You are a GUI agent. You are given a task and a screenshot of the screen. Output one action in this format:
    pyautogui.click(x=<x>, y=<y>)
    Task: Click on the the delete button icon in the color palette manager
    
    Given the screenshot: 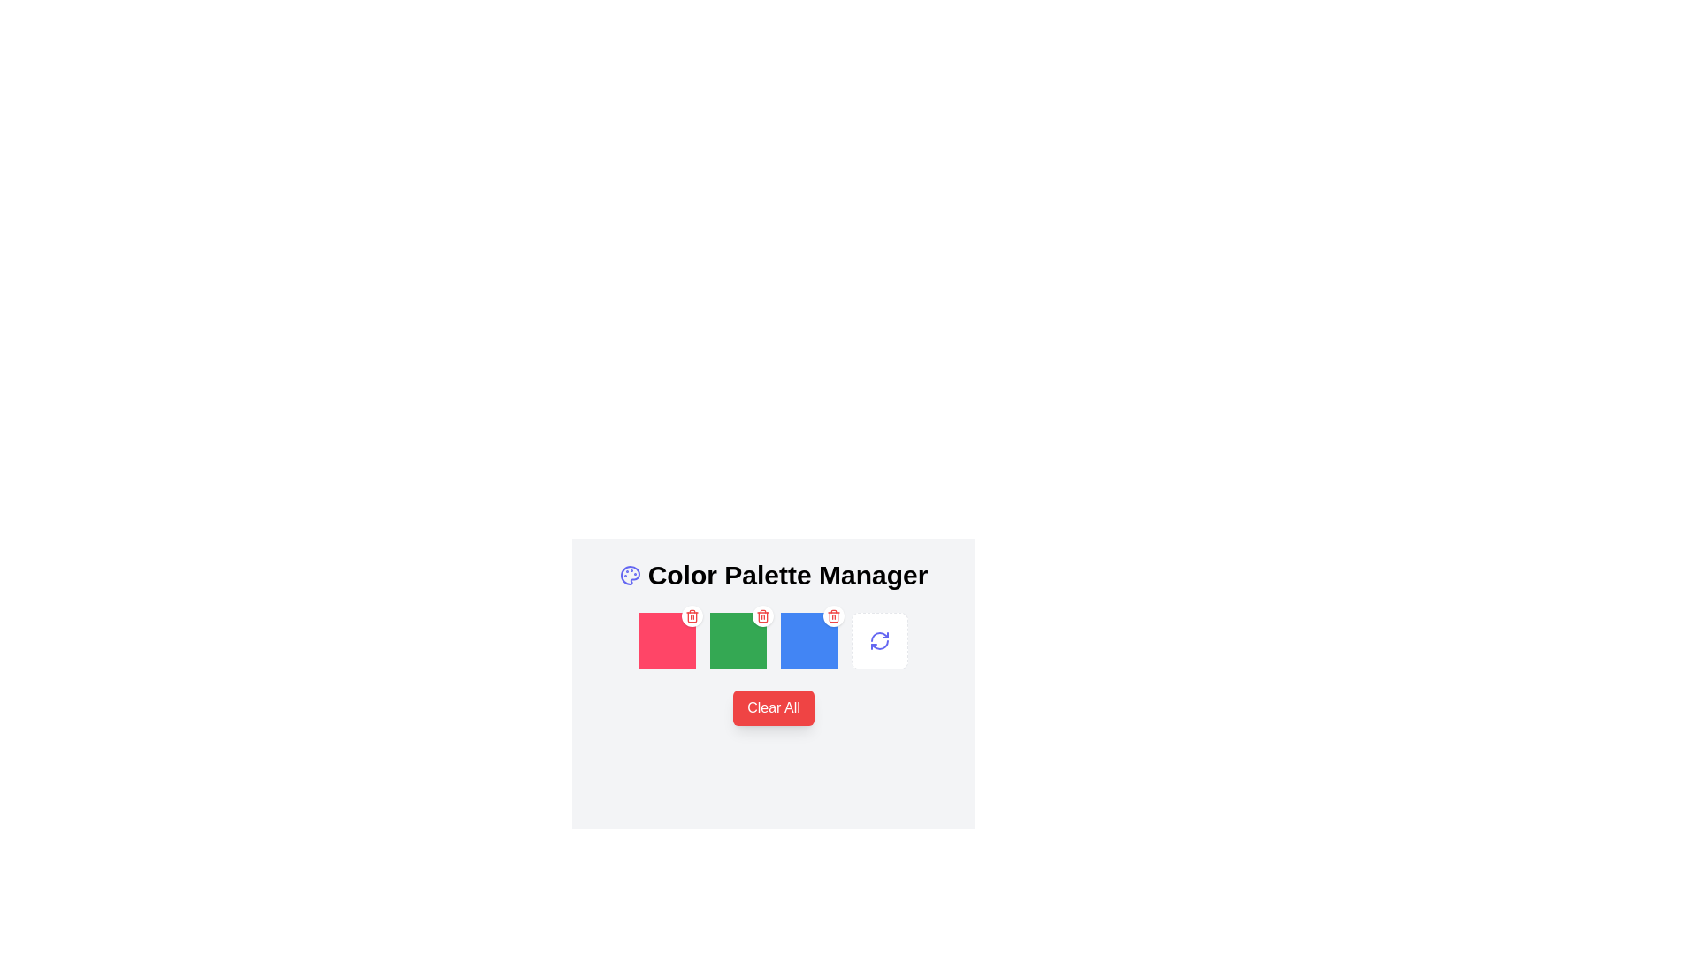 What is the action you would take?
    pyautogui.click(x=763, y=615)
    